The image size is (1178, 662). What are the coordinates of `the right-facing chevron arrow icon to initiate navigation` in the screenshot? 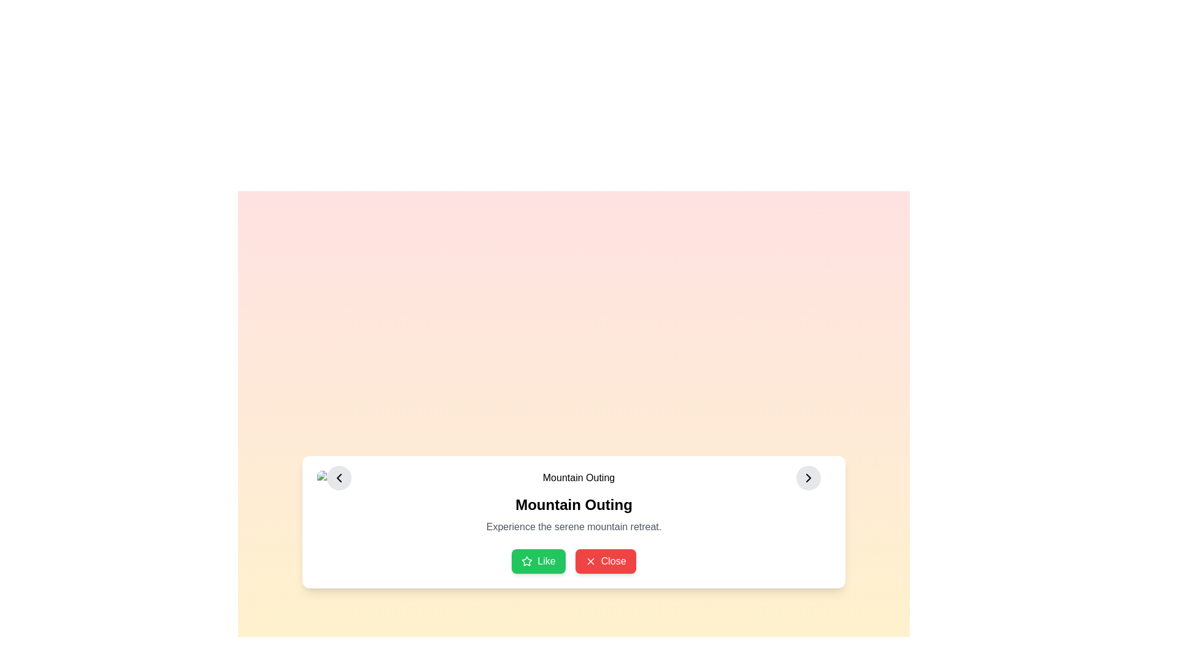 It's located at (809, 477).